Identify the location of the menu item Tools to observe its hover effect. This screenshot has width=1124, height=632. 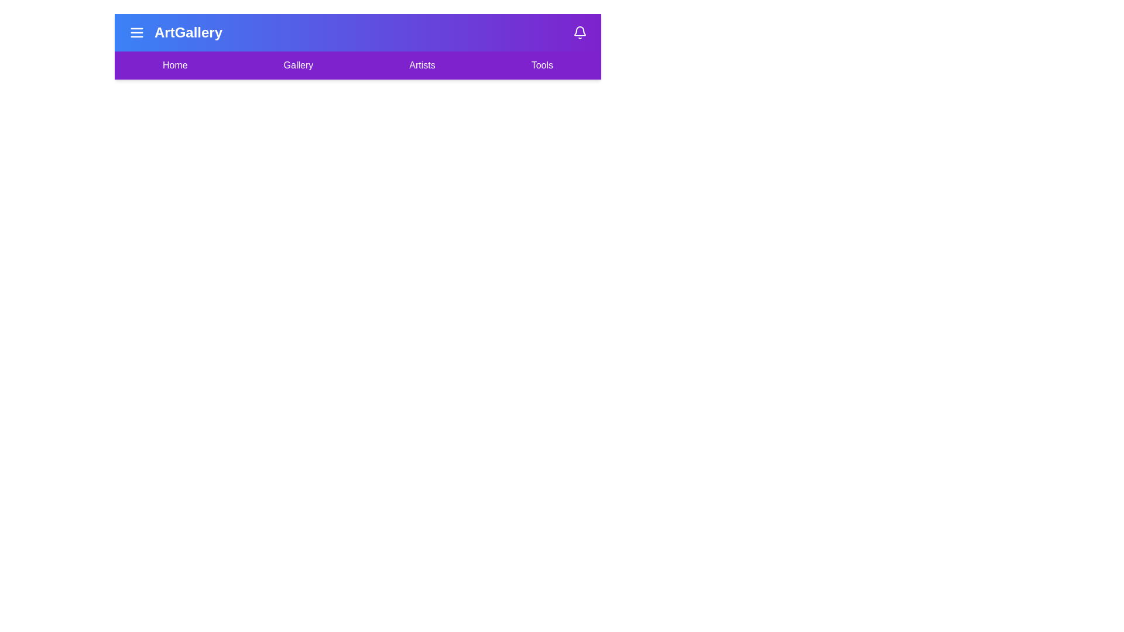
(542, 65).